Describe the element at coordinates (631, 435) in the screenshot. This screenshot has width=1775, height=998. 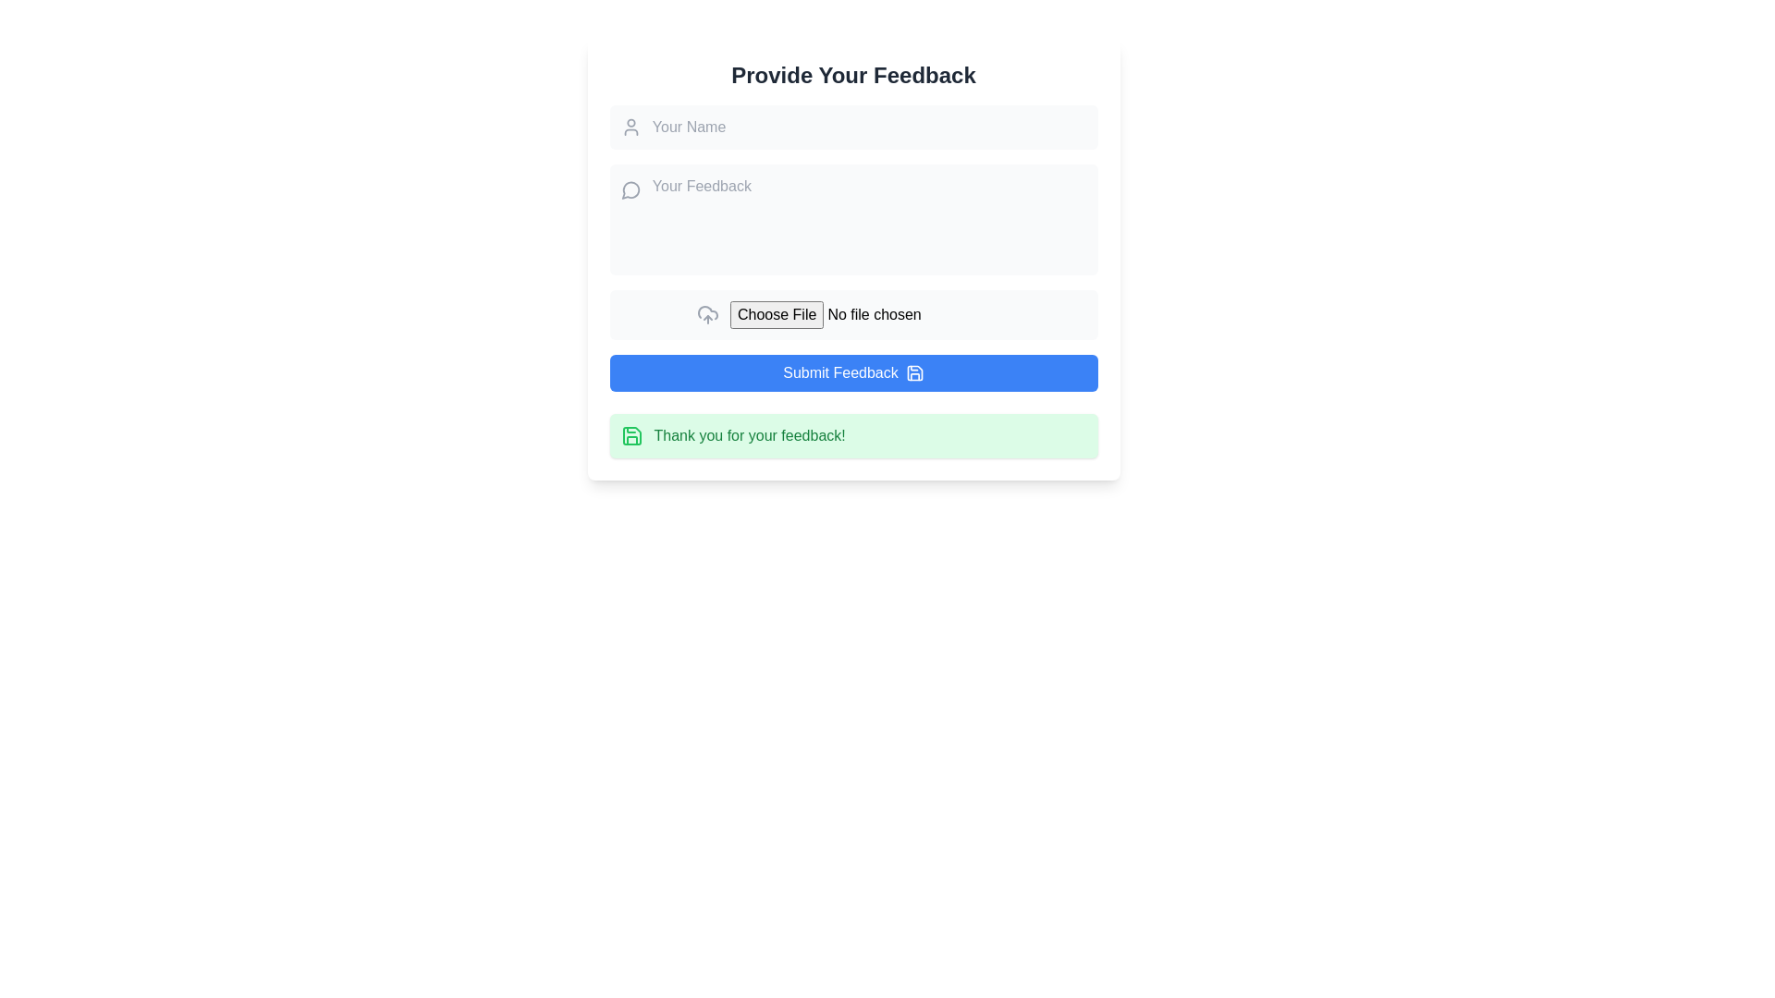
I see `the floppy disk icon, which represents the save action and is green in color, located below the input fields of the feedback form to the left of the text 'Thank you for your feedback!'` at that location.